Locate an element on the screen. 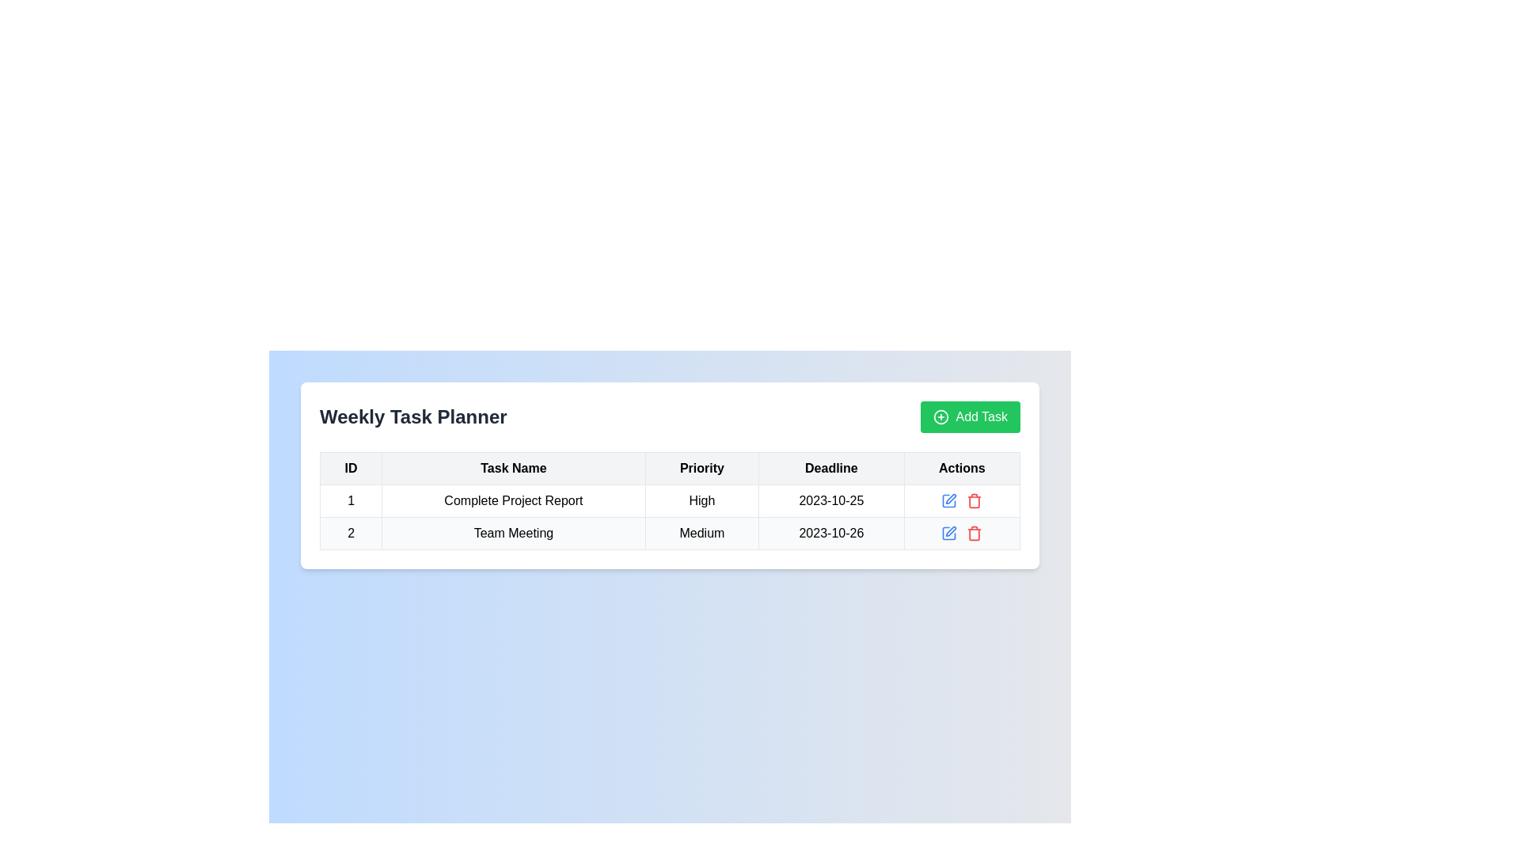  the trash bin icon in the second row of the Actions column, which serves as the delete button for the associated task is located at coordinates (974, 502).